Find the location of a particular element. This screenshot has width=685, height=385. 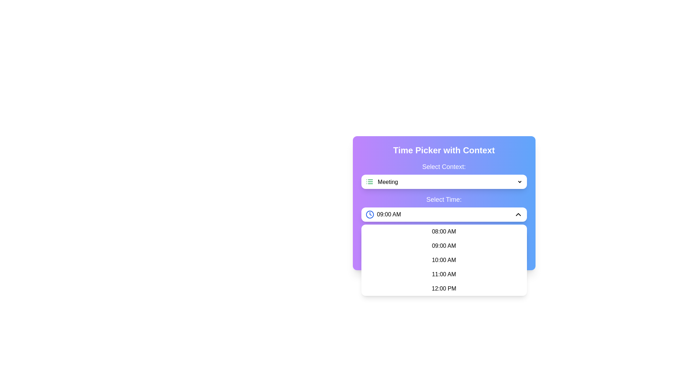

the time option '10:00 AM' in the dropdown menu is located at coordinates (443, 260).